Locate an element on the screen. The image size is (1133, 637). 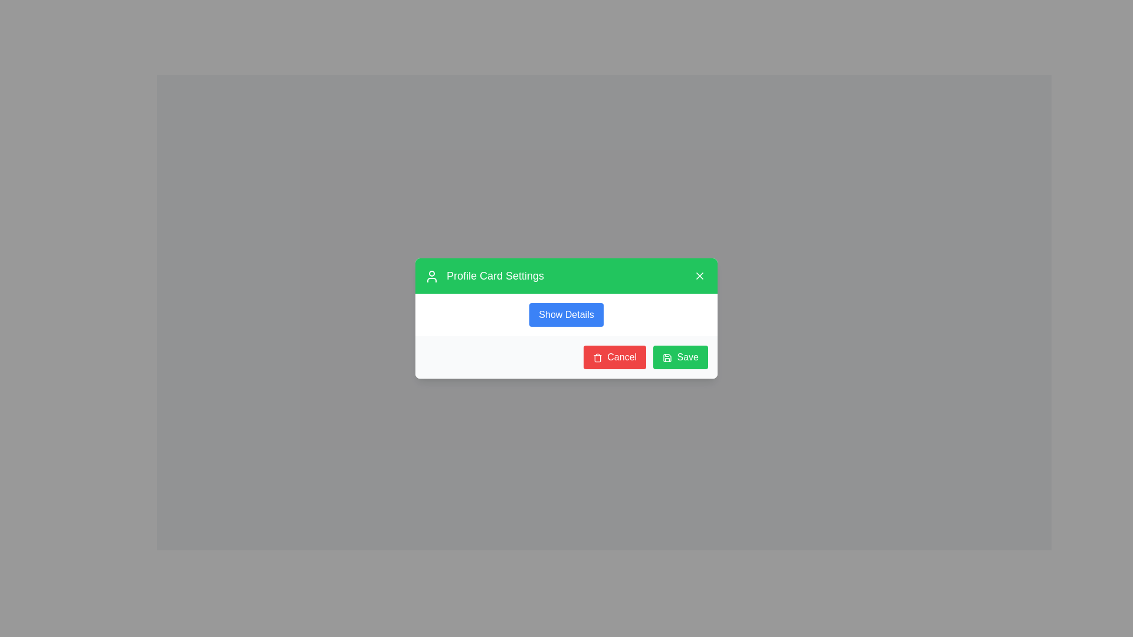
the cancel button located in the footer section of the modal dialog, positioned to the left of the green 'Save' button is located at coordinates (614, 356).